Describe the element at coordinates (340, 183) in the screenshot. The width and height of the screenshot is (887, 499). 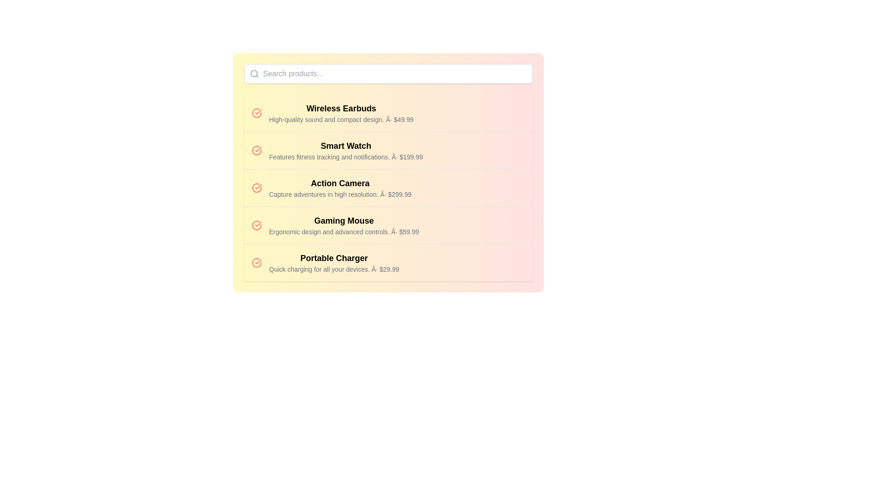
I see `the 'Action Camera' title text label, which serves as a display label for the product entry and is positioned centrally above the product's description and price` at that location.